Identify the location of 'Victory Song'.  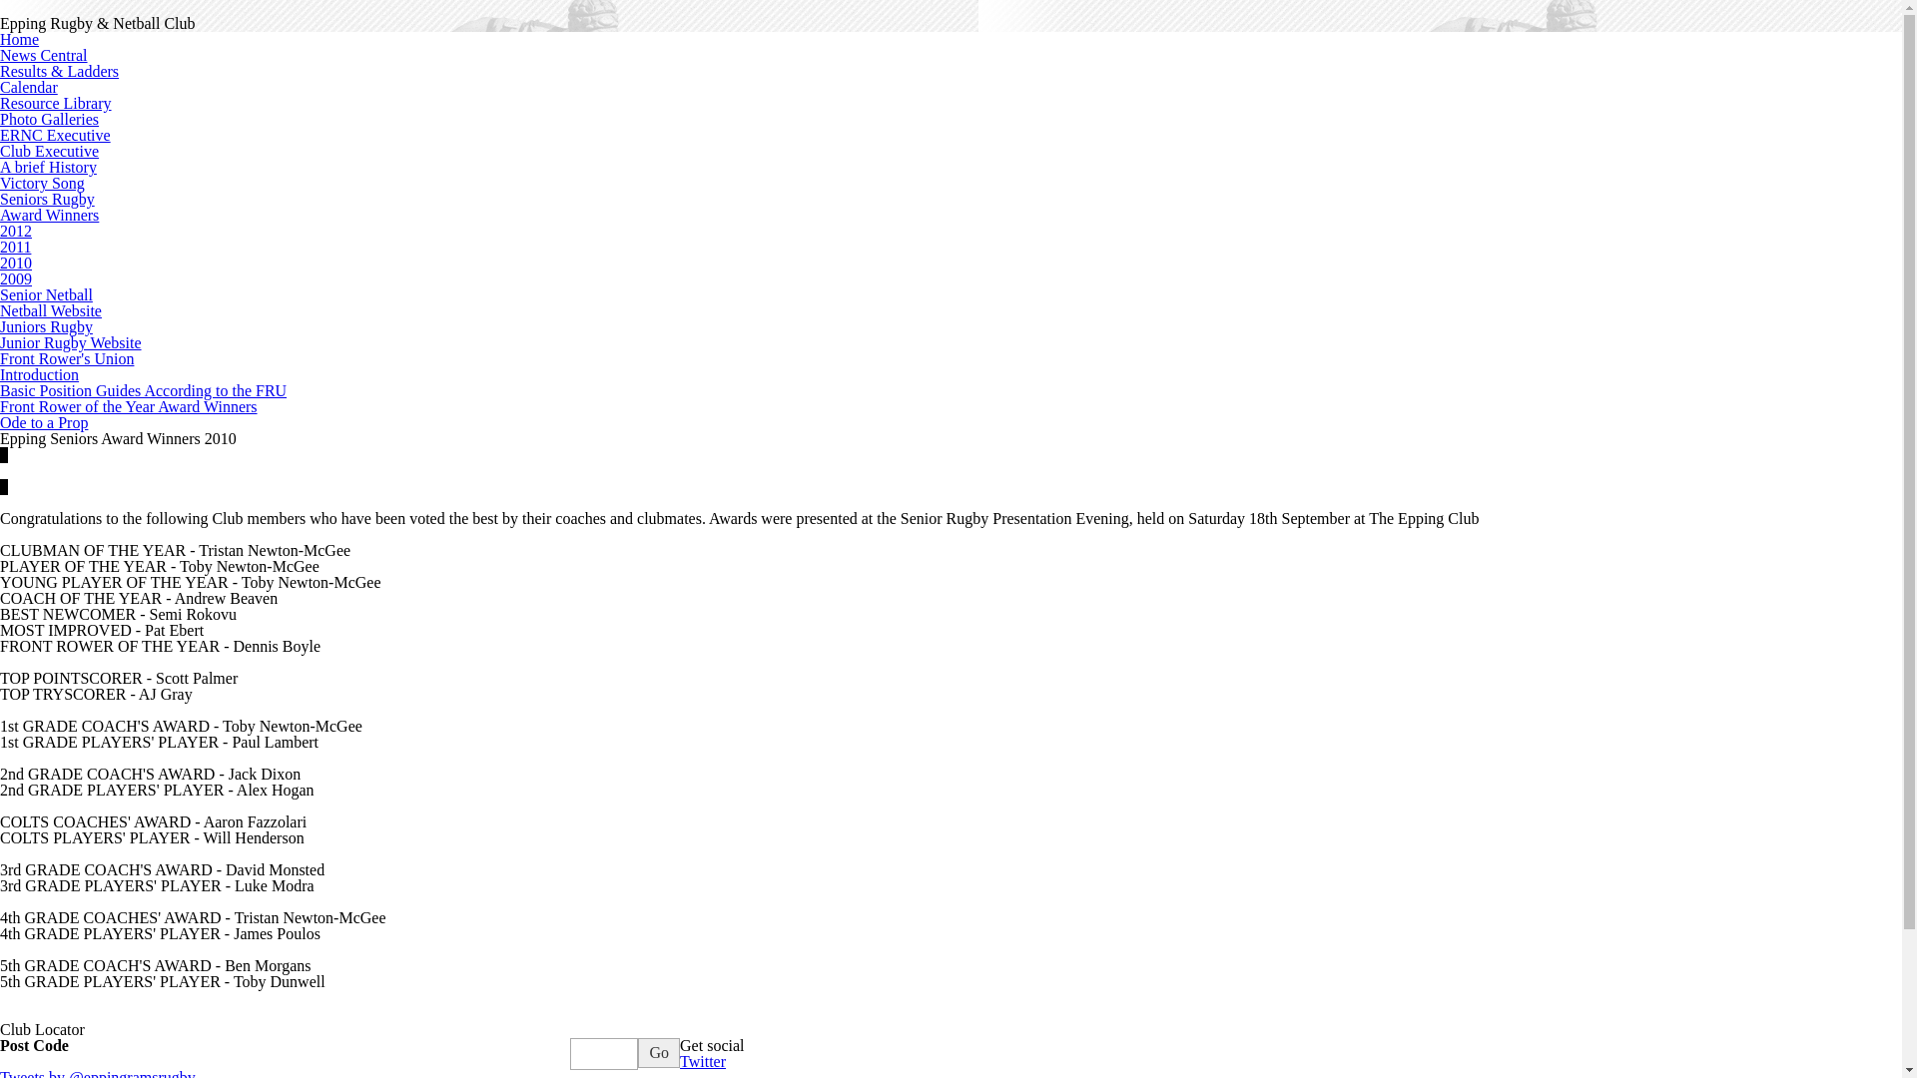
(0, 183).